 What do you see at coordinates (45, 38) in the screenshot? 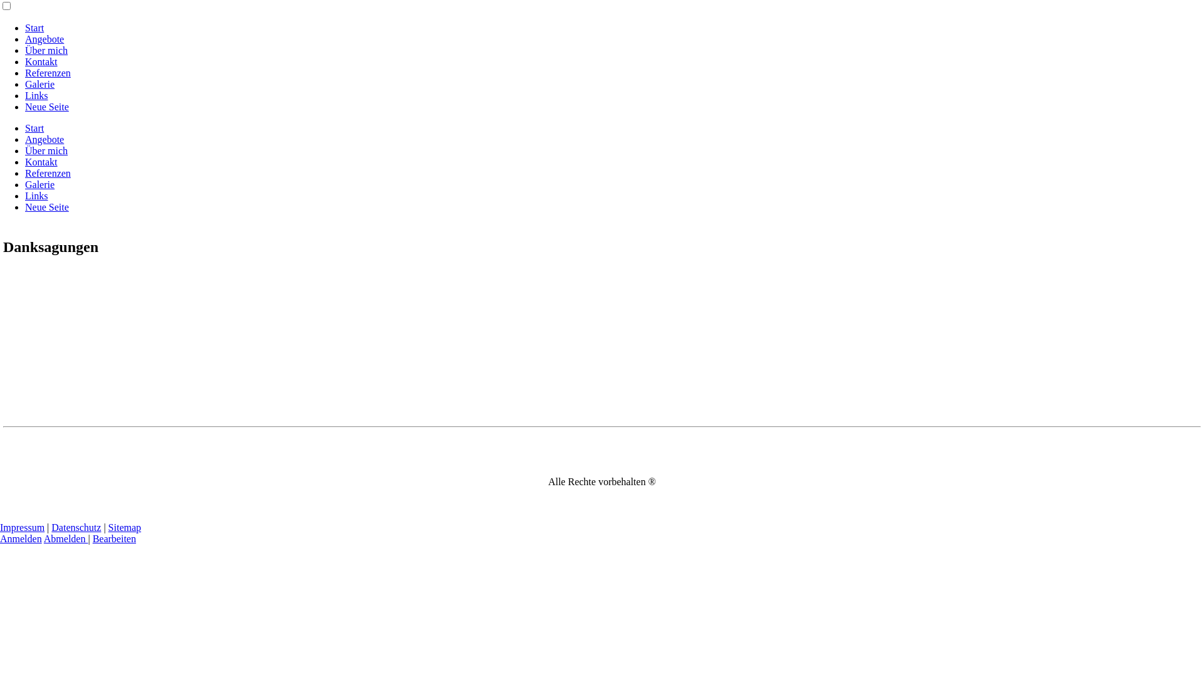
I see `'Angebote'` at bounding box center [45, 38].